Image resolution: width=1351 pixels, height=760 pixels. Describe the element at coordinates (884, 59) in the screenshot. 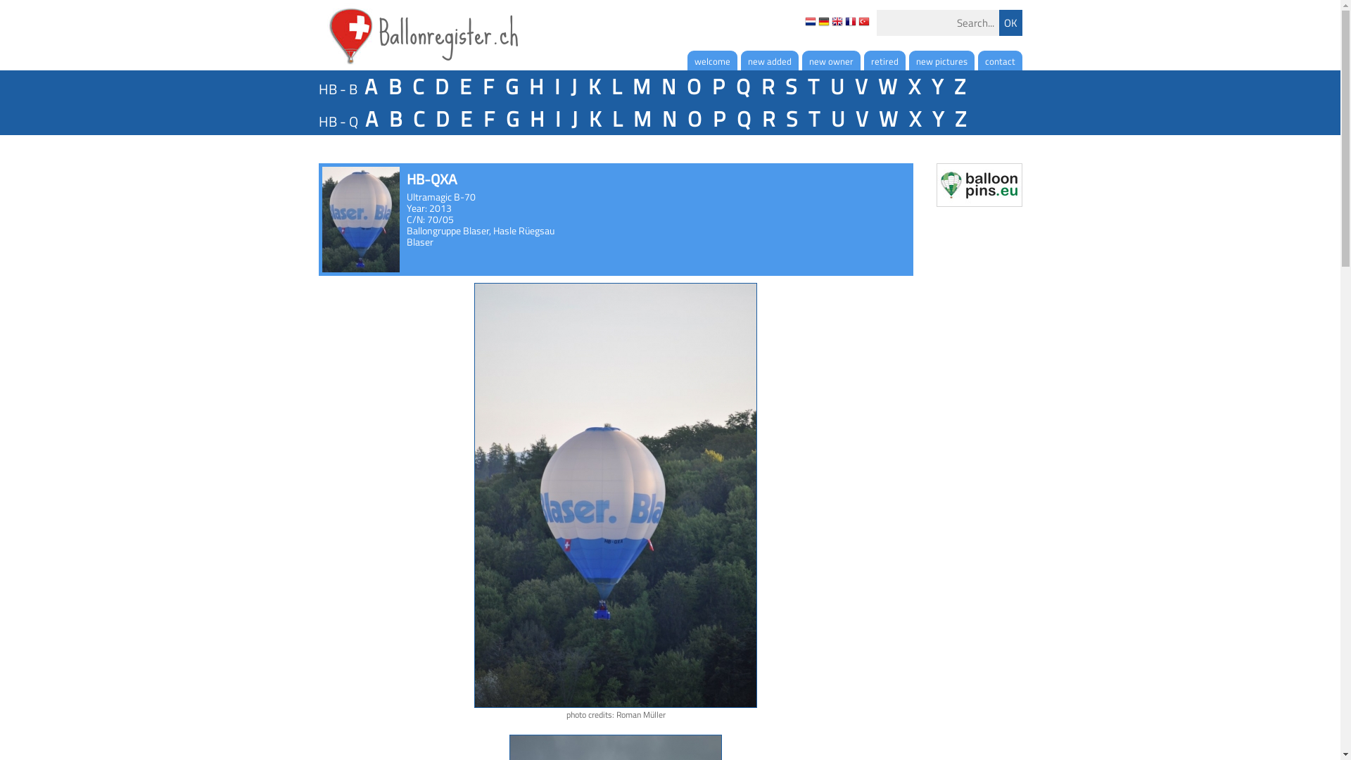

I see `'retired'` at that location.